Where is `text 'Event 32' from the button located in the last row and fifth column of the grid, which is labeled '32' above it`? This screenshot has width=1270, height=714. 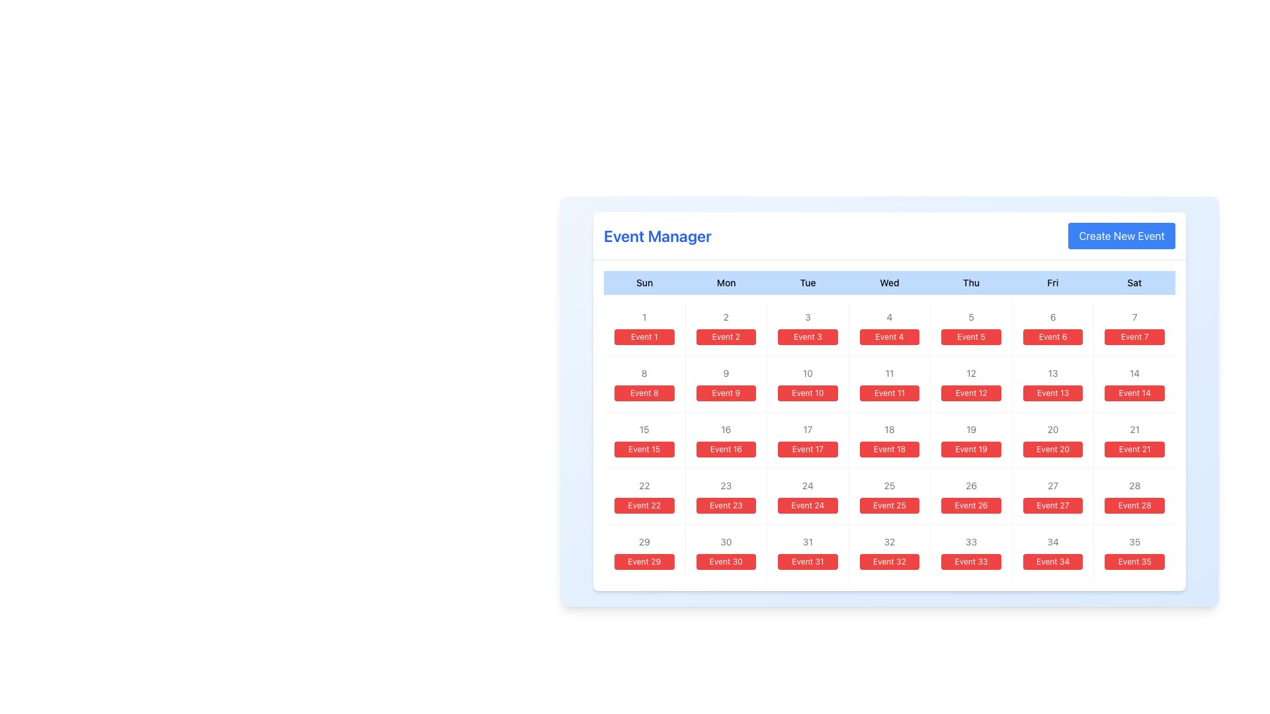
text 'Event 32' from the button located in the last row and fifth column of the grid, which is labeled '32' above it is located at coordinates (889, 561).